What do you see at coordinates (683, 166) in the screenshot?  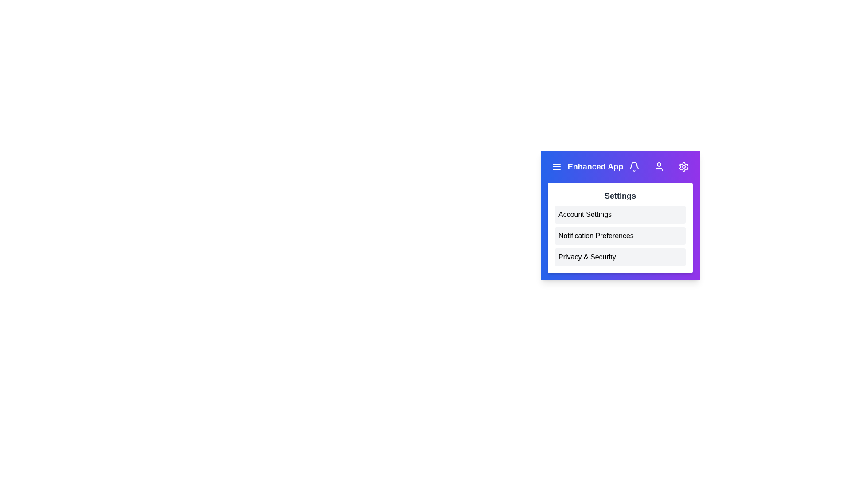 I see `the settings button to toggle the settings display` at bounding box center [683, 166].